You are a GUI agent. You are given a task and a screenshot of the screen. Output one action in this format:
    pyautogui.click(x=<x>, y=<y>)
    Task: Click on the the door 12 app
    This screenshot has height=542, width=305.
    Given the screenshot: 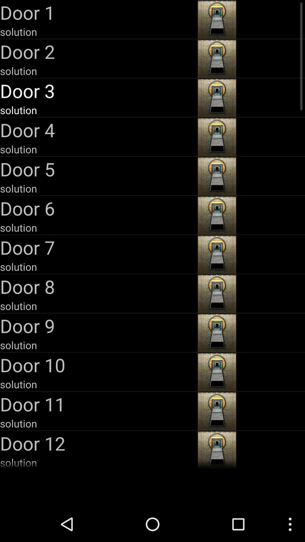 What is the action you would take?
    pyautogui.click(x=98, y=443)
    